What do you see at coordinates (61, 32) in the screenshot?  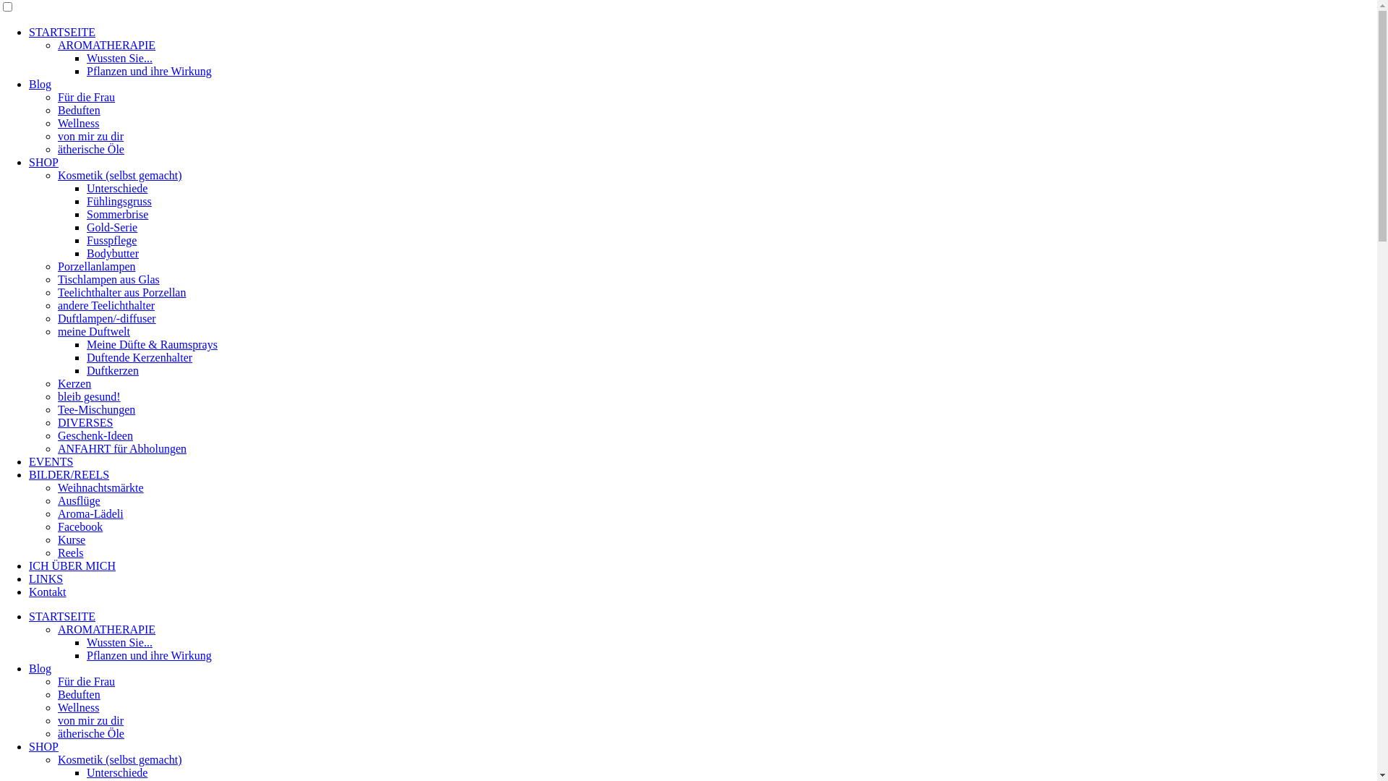 I see `'STARTSEITE'` at bounding box center [61, 32].